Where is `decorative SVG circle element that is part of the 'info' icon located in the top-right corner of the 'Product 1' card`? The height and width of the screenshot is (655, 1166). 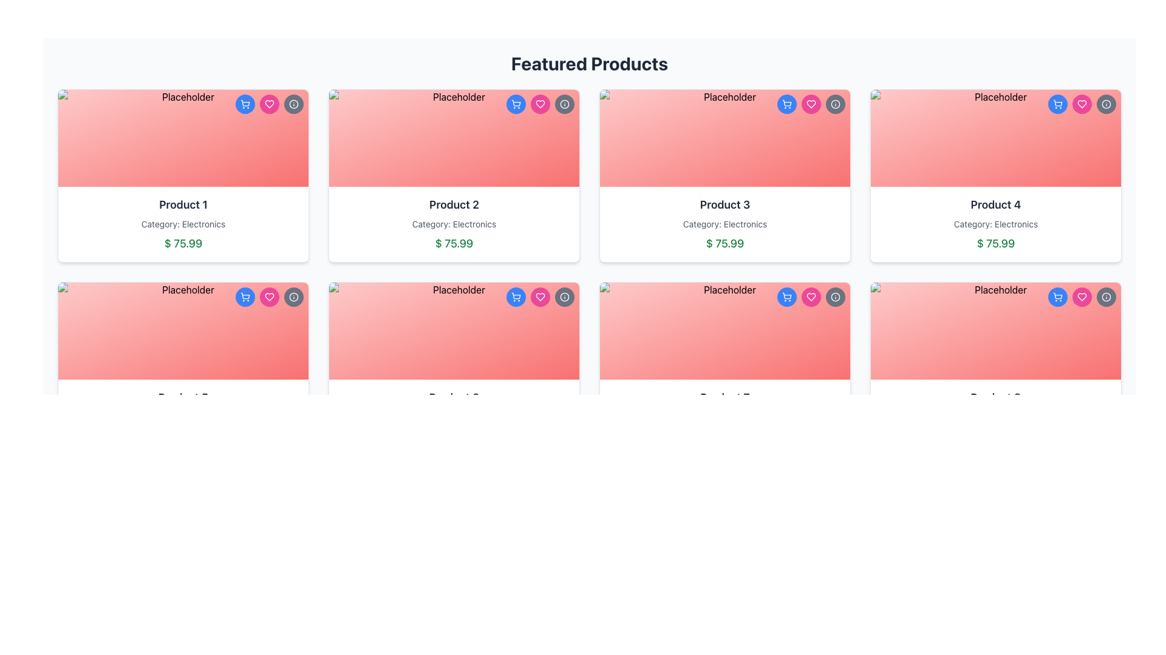 decorative SVG circle element that is part of the 'info' icon located in the top-right corner of the 'Product 1' card is located at coordinates (294, 104).